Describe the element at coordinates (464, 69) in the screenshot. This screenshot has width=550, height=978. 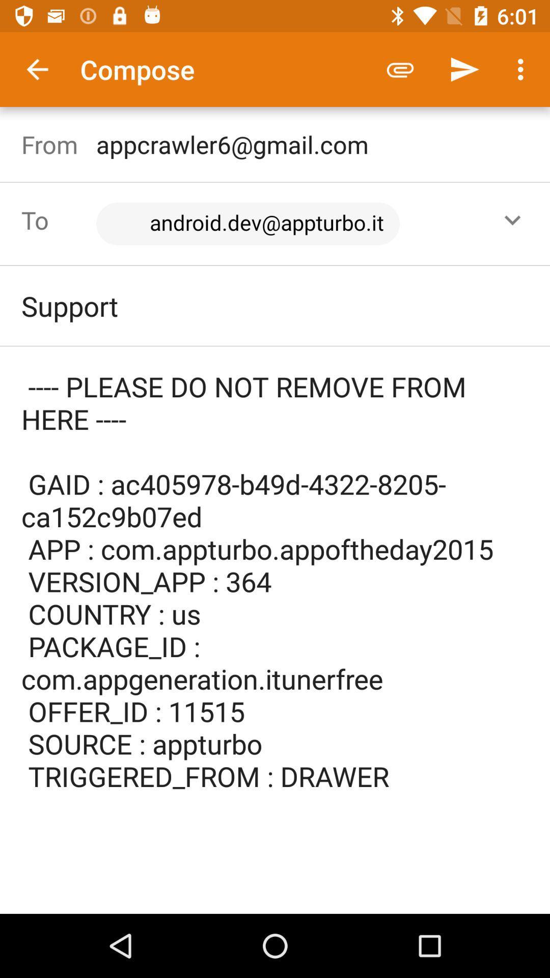
I see `item above the appcrawler6@gmail.com icon` at that location.